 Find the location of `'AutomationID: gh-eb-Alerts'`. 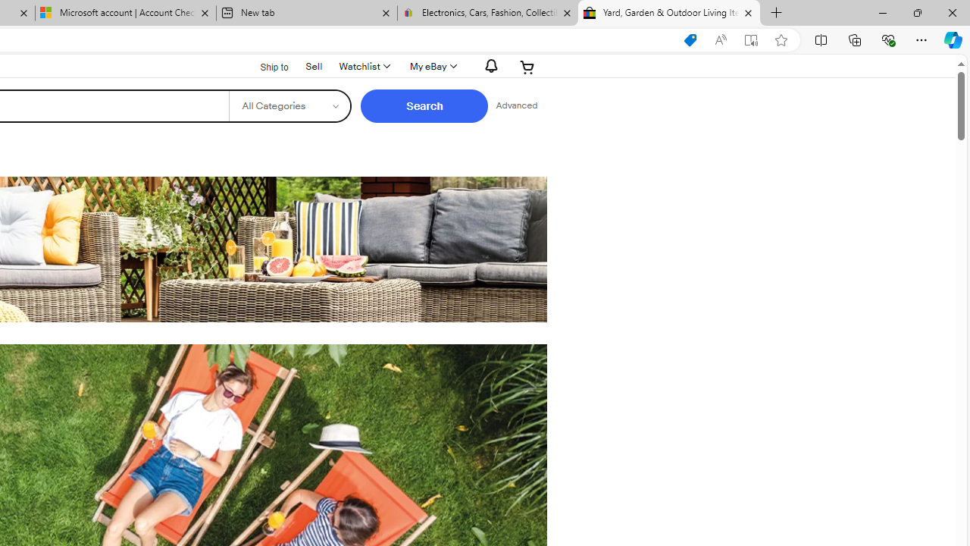

'AutomationID: gh-eb-Alerts' is located at coordinates (489, 65).